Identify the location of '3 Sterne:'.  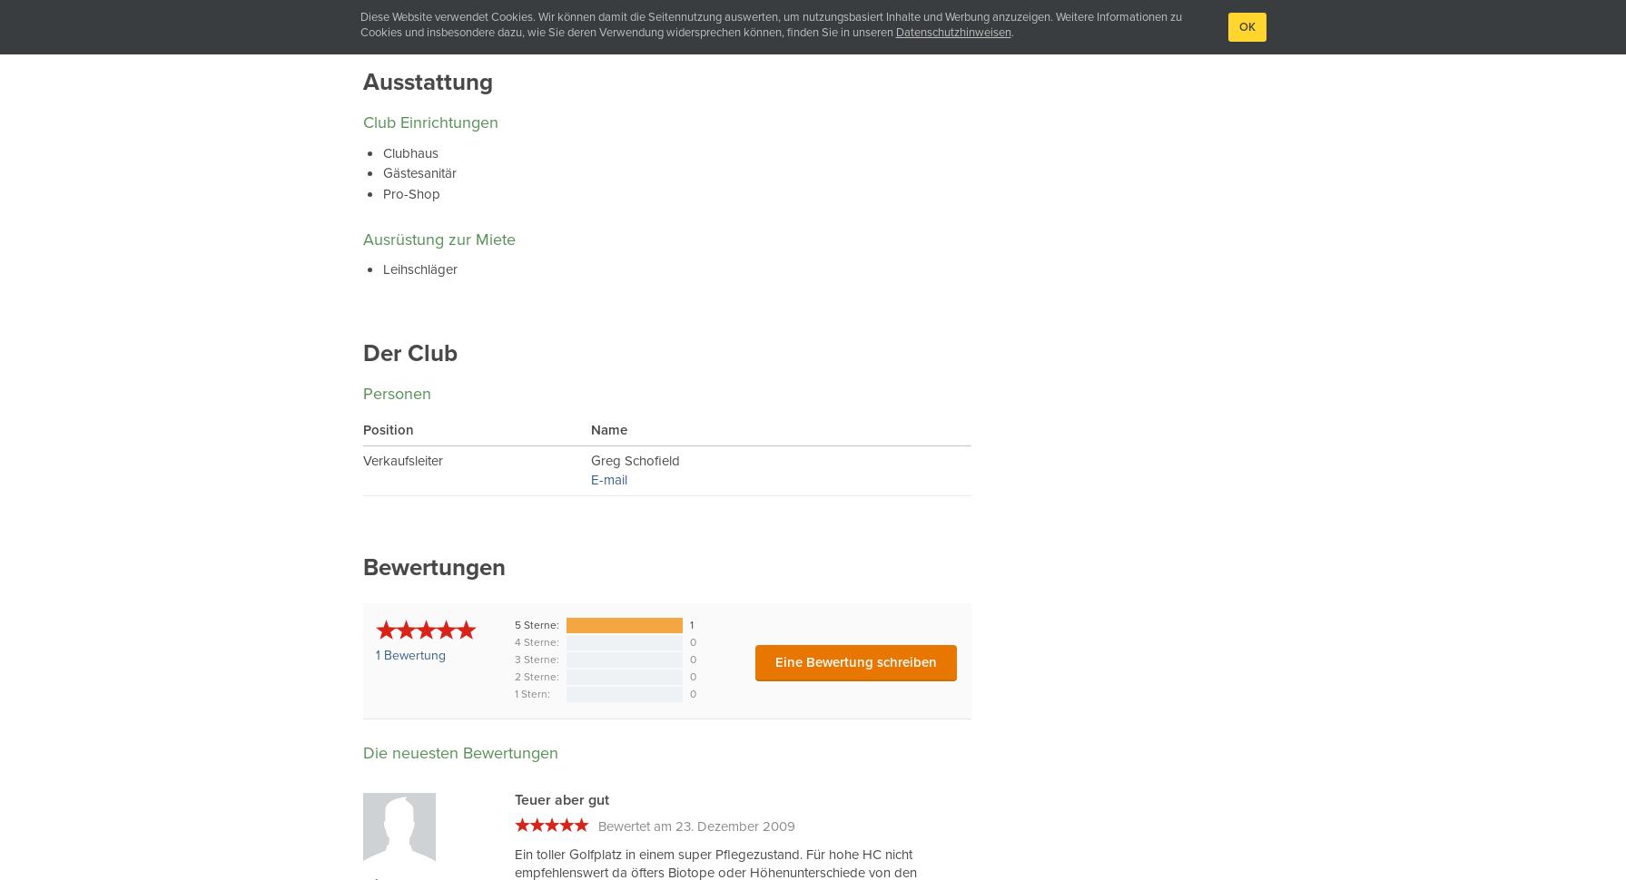
(537, 659).